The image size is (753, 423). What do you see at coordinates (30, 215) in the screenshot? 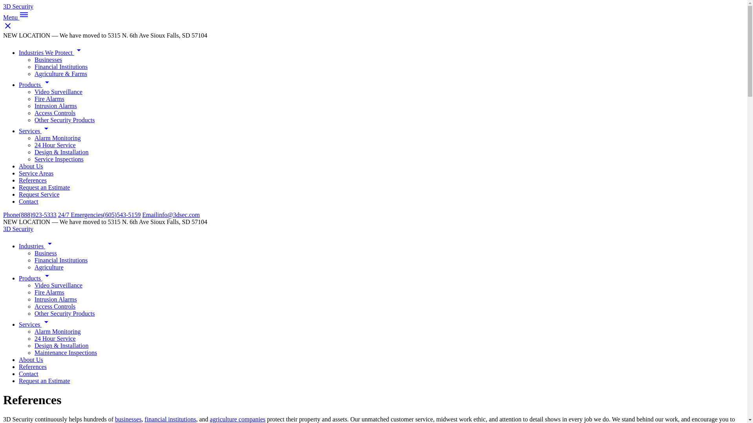
I see `'Phone(888)923-5333'` at bounding box center [30, 215].